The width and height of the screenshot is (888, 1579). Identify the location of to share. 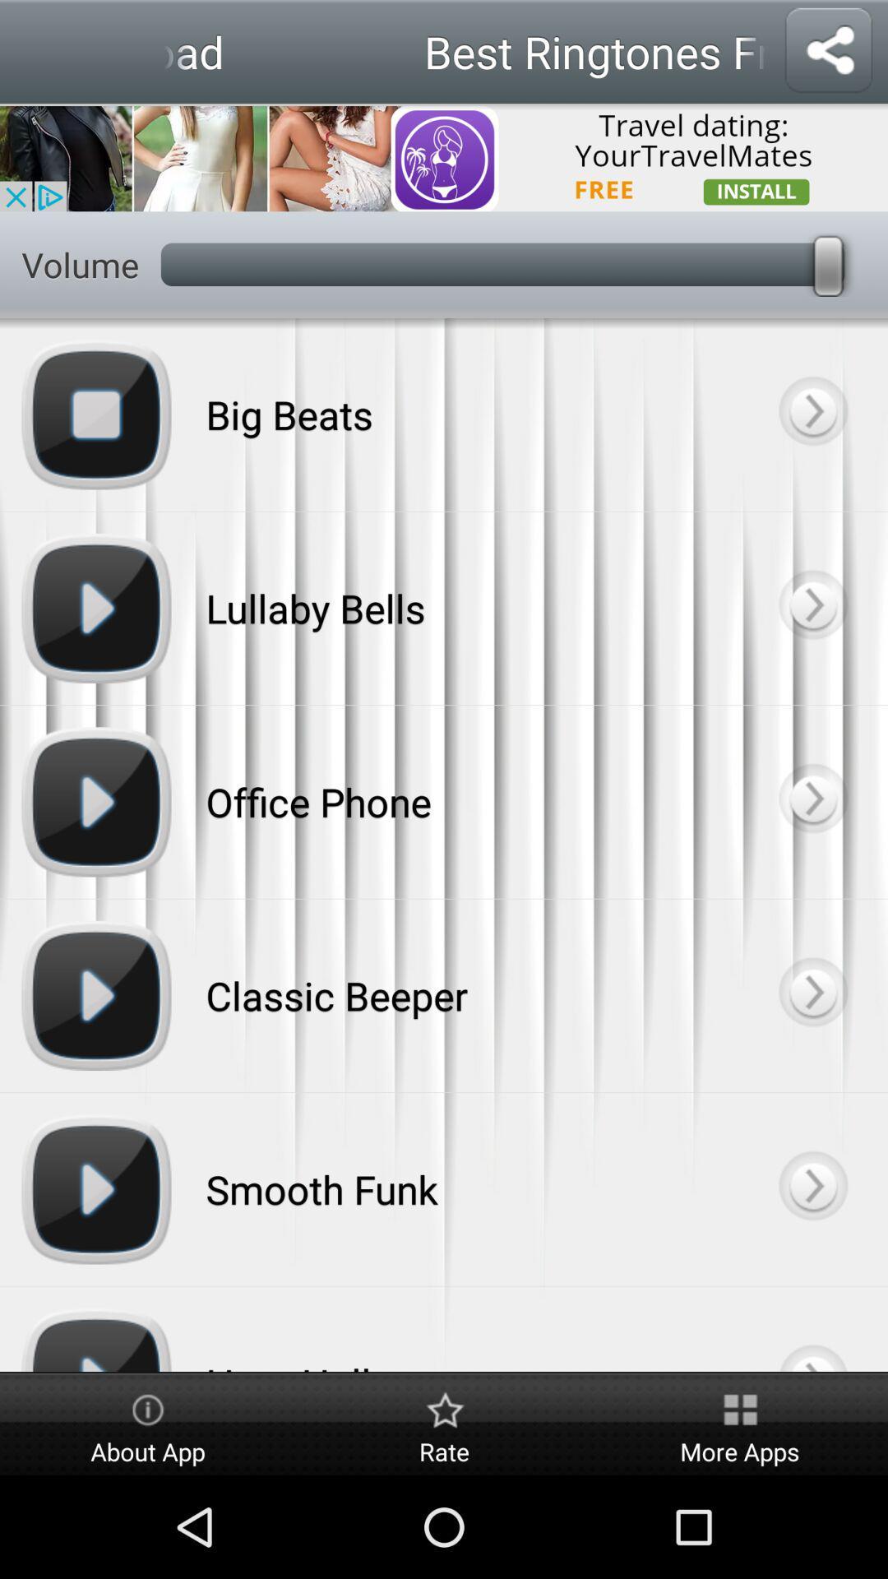
(828, 51).